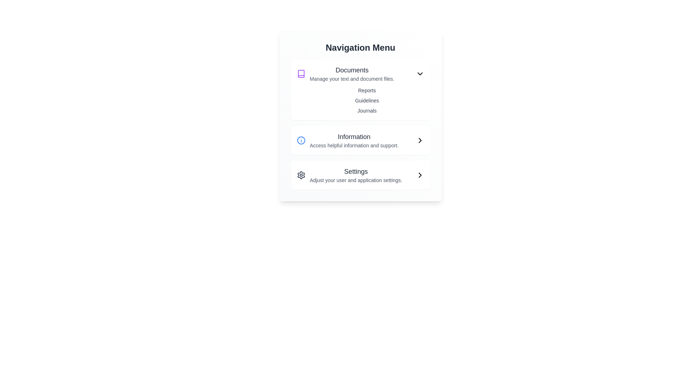 The height and width of the screenshot is (391, 696). Describe the element at coordinates (360, 90) in the screenshot. I see `the 'Reports' text label located under the 'Documents' submenu` at that location.